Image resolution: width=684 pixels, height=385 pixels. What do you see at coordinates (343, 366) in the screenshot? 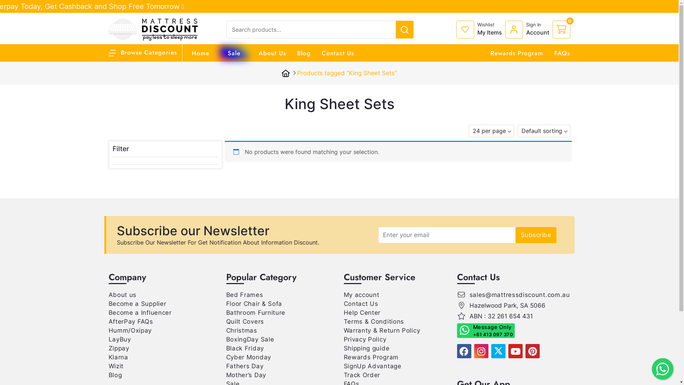
I see `'SignUp Advantage'` at bounding box center [343, 366].